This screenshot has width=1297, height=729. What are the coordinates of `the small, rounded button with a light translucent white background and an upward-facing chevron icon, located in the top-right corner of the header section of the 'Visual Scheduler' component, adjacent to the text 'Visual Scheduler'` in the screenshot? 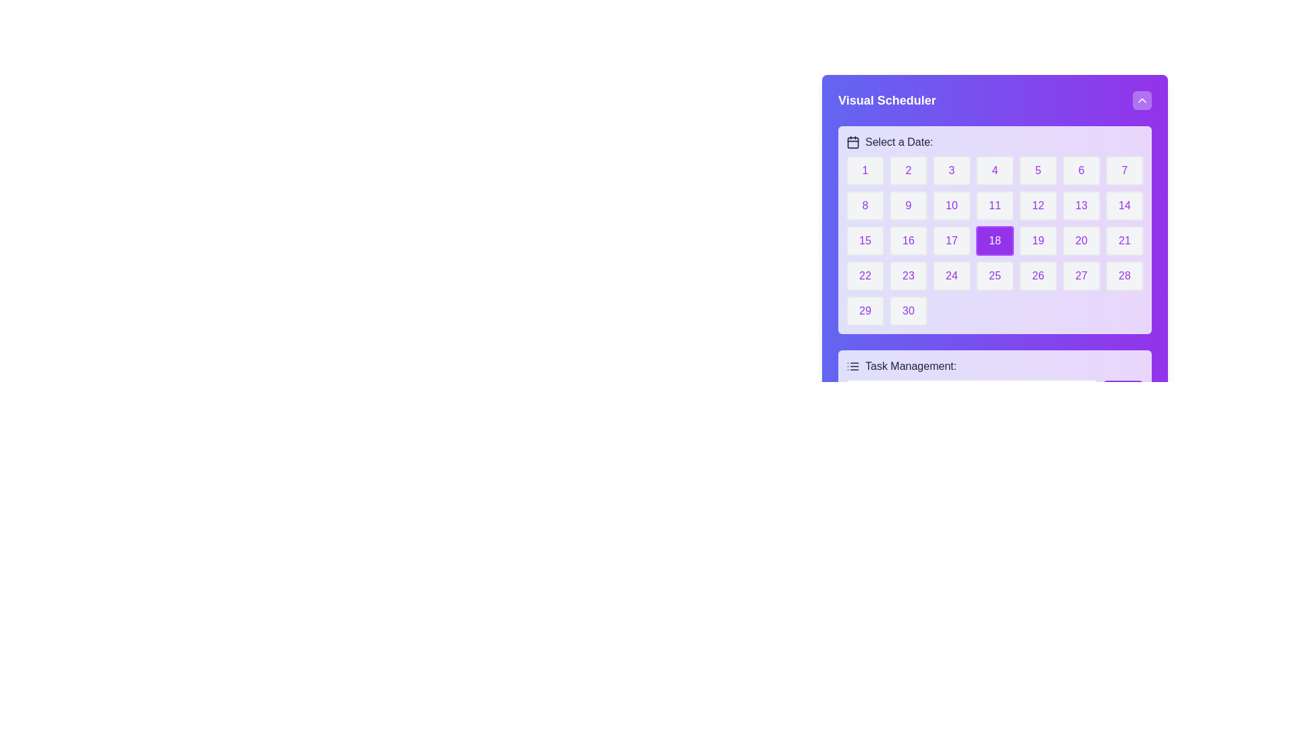 It's located at (1141, 100).